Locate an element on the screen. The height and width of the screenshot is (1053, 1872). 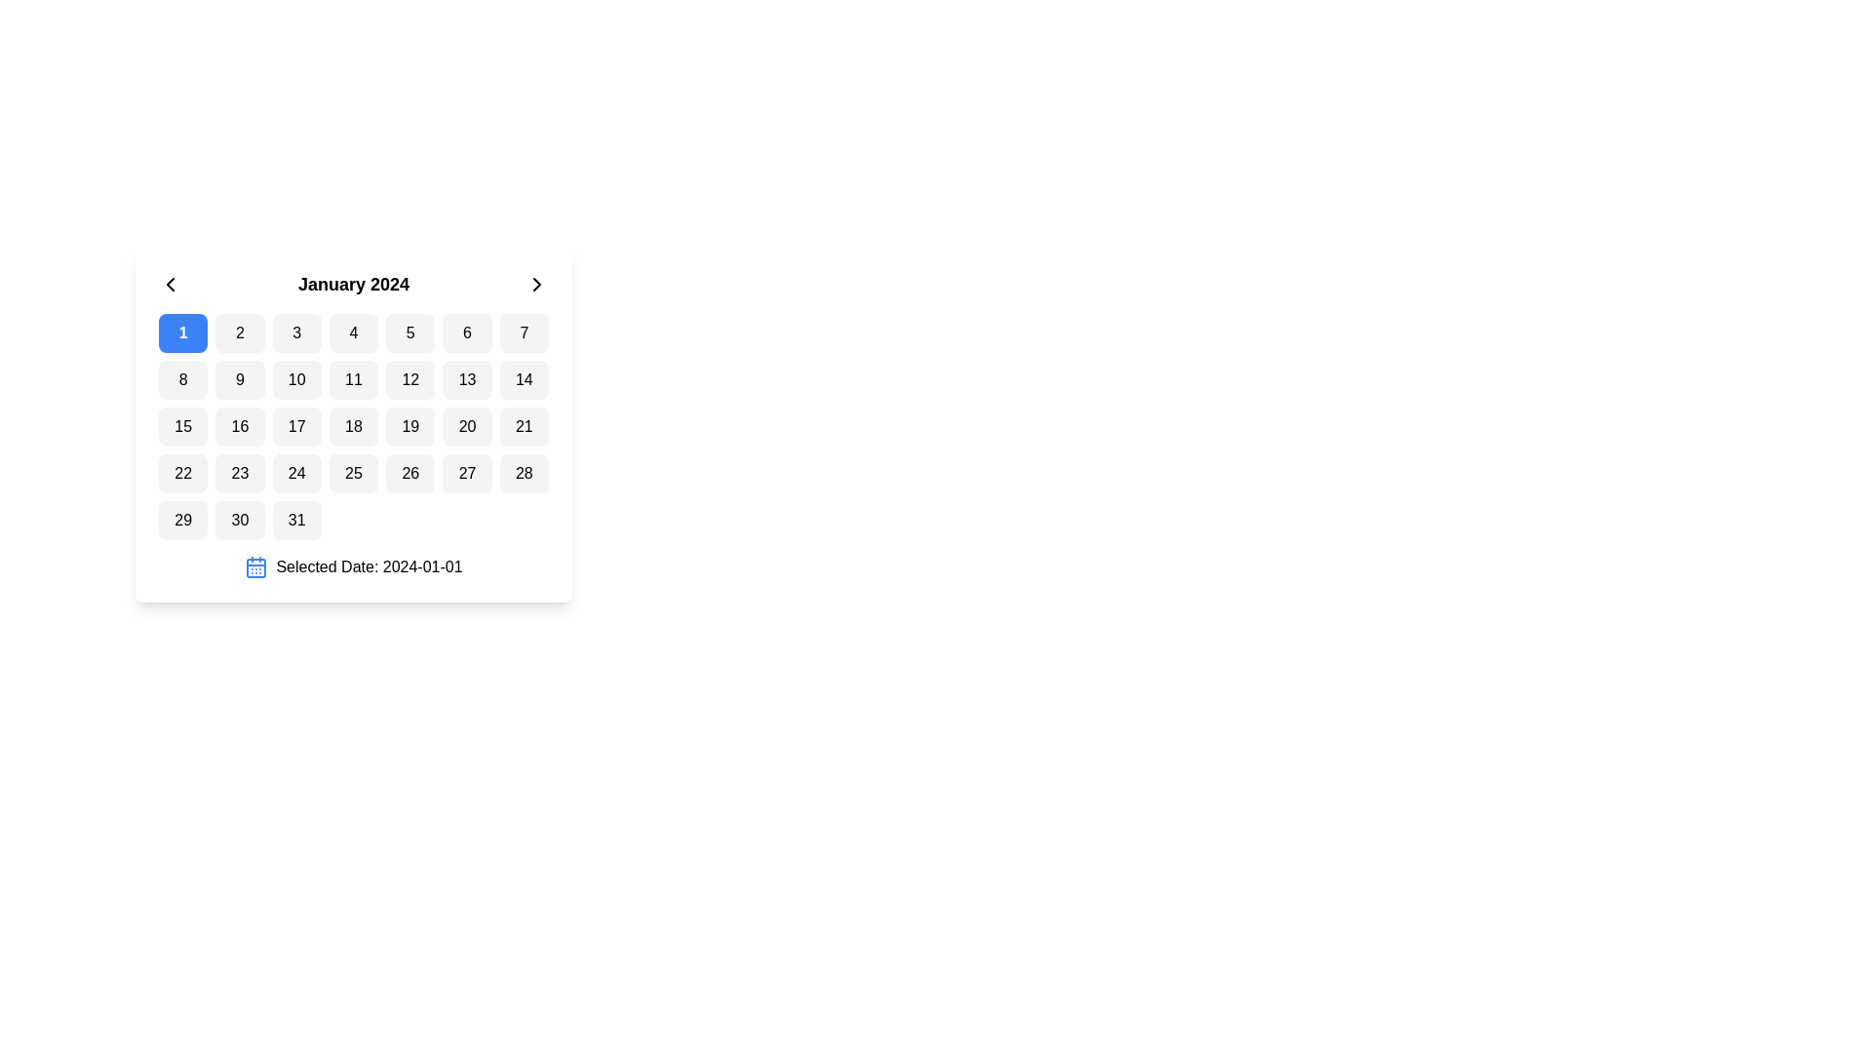
the calendar icon located at the leftmost position in the date selection area is located at coordinates (255, 567).